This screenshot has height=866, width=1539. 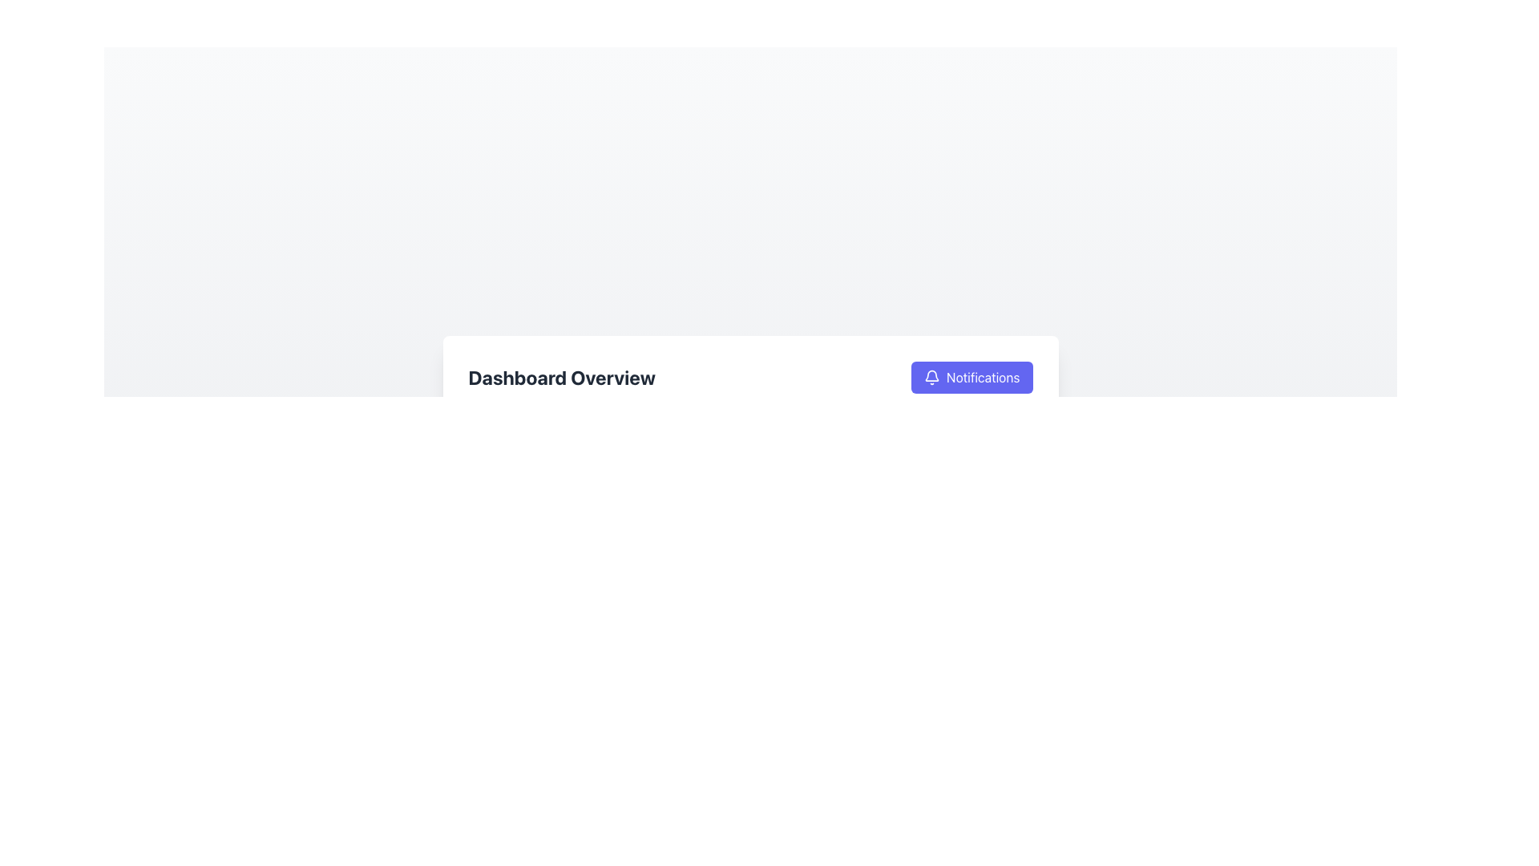 I want to click on the bold text element reading 'Dashboard Overview', which is styled with a large font in a dark shade on a light background, so click(x=562, y=377).